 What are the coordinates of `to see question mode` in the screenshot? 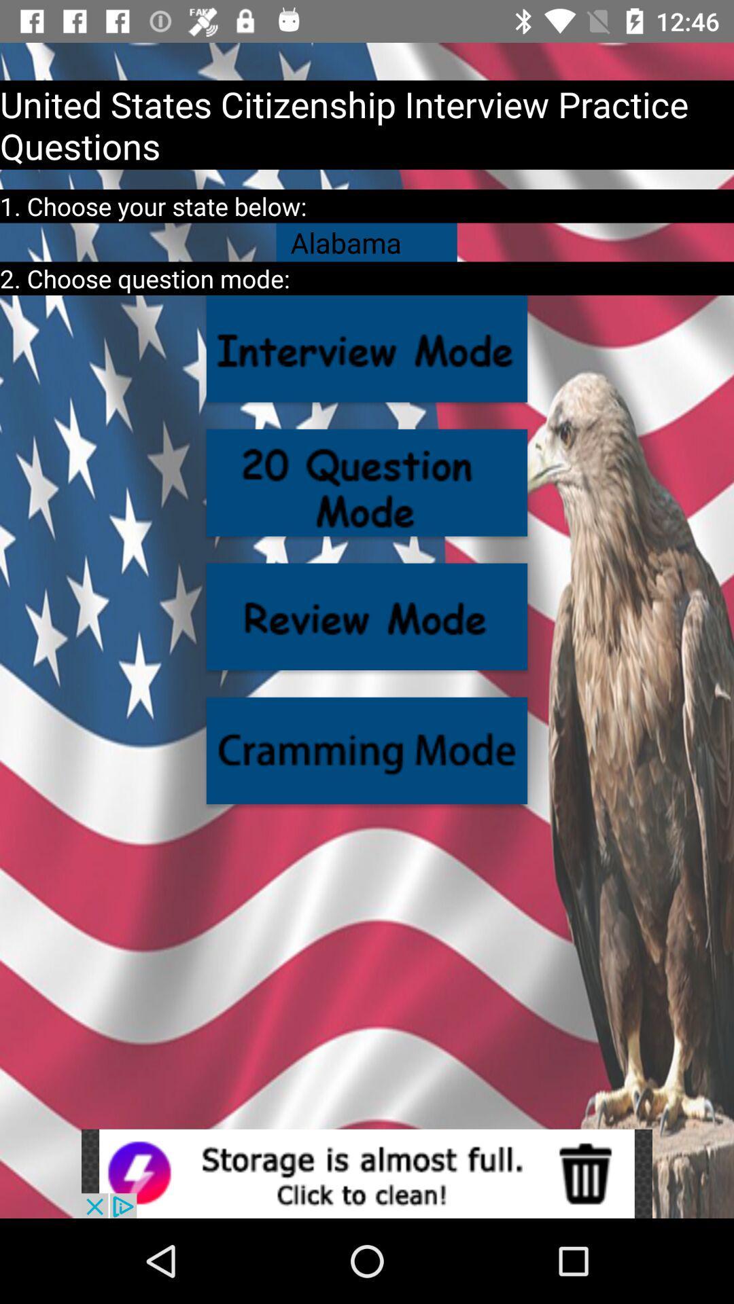 It's located at (367, 482).